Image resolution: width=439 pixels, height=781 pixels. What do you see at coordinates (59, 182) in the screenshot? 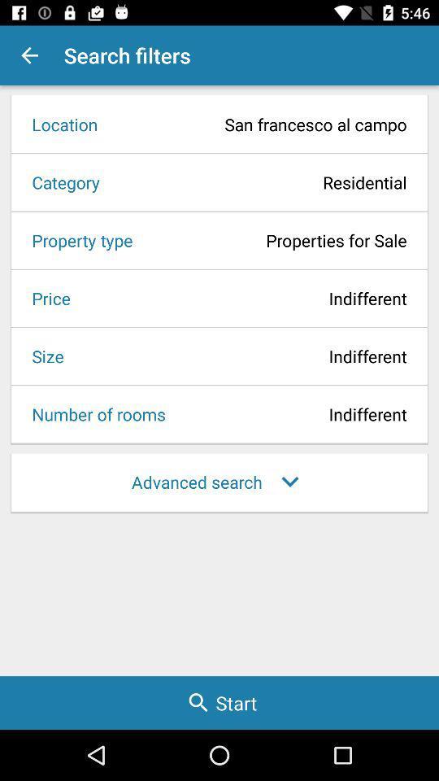
I see `category` at bounding box center [59, 182].